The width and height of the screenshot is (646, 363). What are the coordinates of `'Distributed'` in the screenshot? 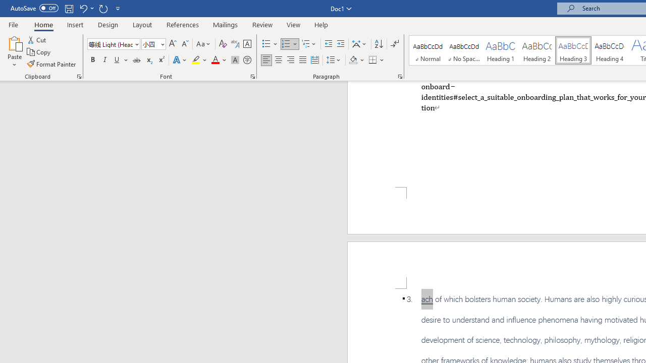 It's located at (314, 60).